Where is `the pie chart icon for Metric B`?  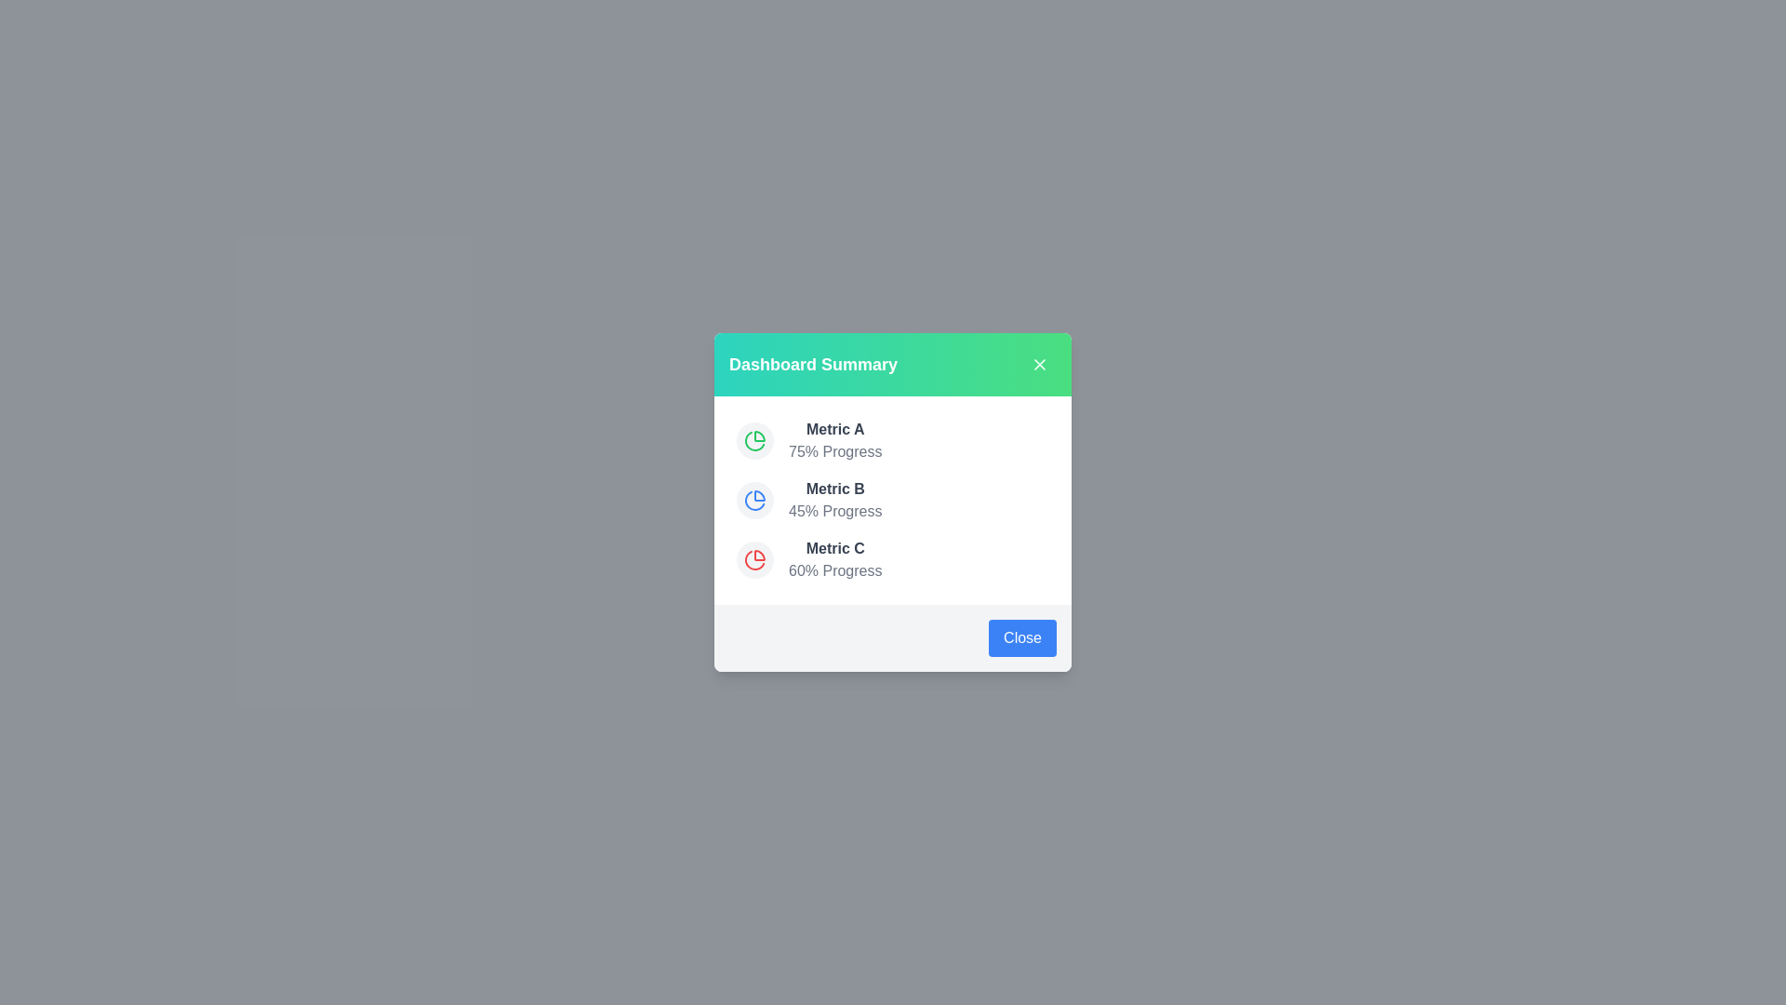 the pie chart icon for Metric B is located at coordinates (754, 499).